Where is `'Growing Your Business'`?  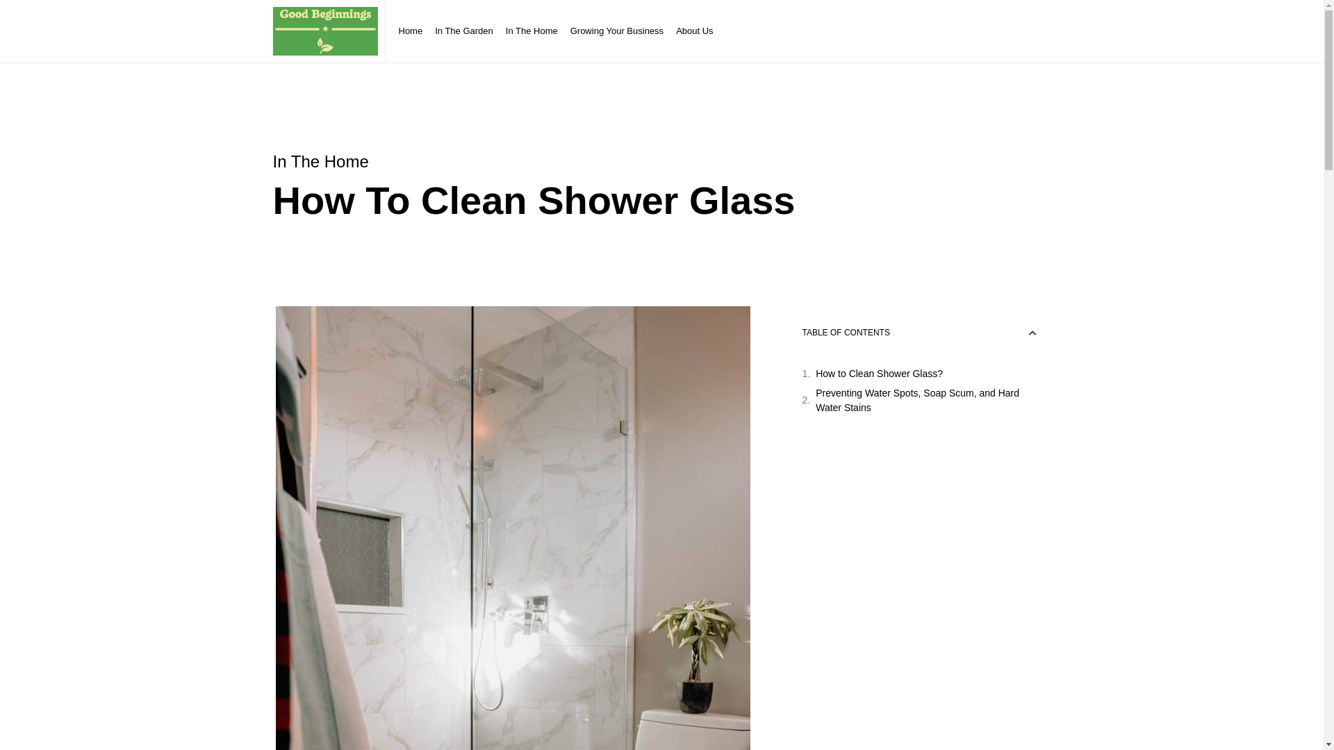
'Growing Your Business' is located at coordinates (616, 31).